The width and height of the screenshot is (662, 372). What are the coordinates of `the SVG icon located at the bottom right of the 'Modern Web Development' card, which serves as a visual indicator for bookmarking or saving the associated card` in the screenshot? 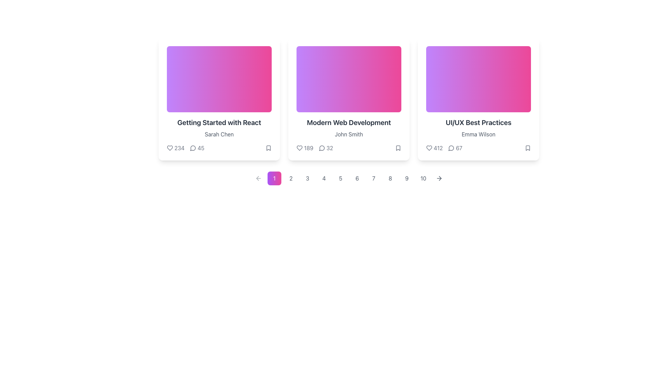 It's located at (398, 147).